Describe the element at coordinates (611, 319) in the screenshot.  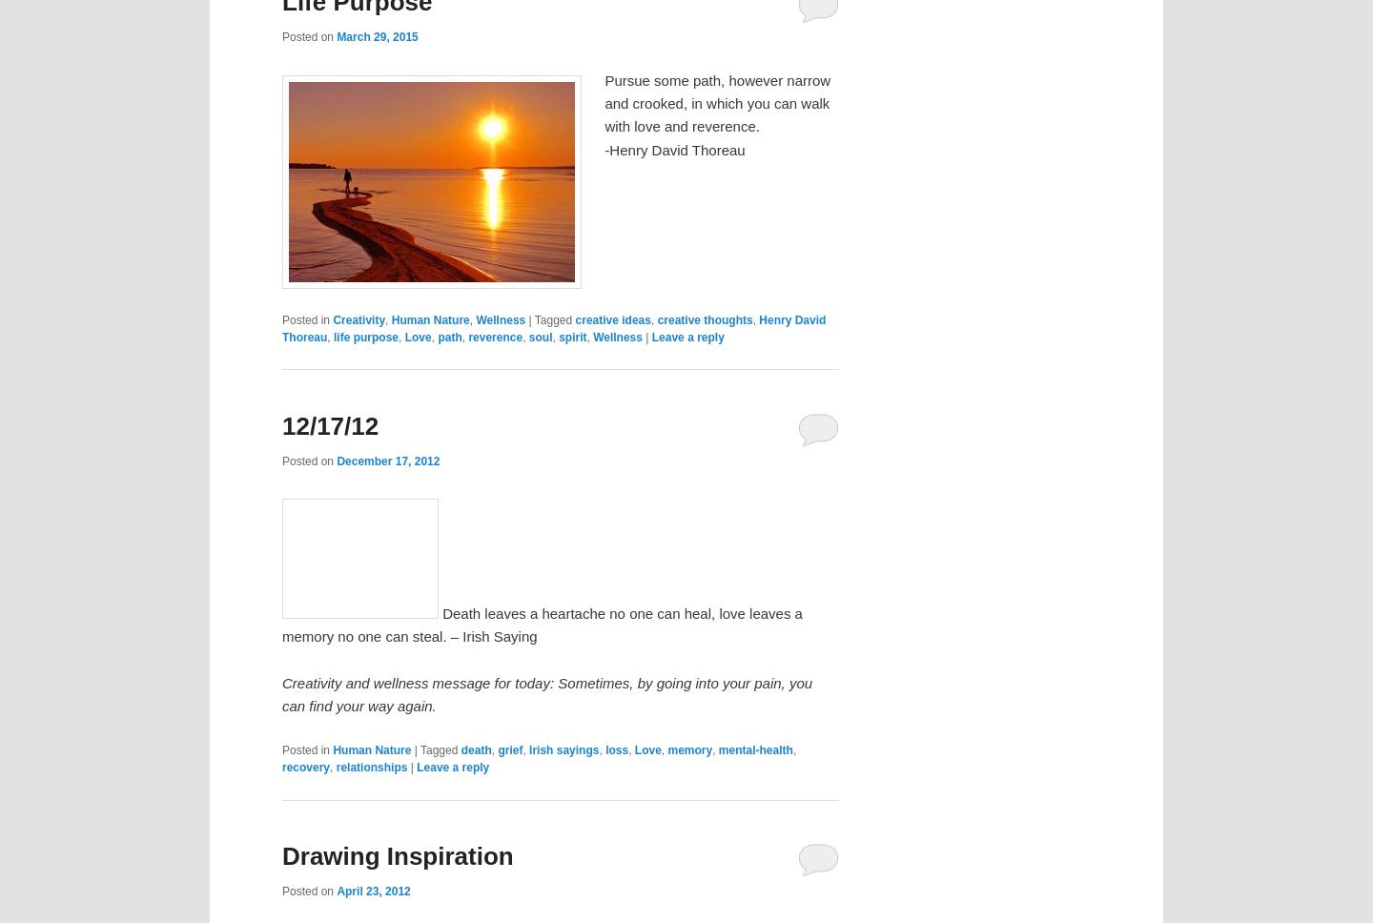
I see `'creative ideas'` at that location.